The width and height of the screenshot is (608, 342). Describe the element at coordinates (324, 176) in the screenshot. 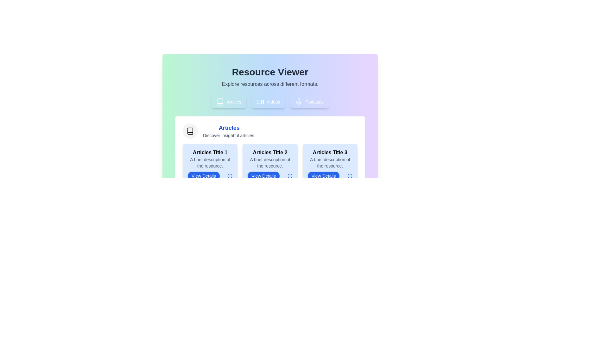

I see `the leftmost button in the card layout associated with 'Articles Title 3'` at that location.